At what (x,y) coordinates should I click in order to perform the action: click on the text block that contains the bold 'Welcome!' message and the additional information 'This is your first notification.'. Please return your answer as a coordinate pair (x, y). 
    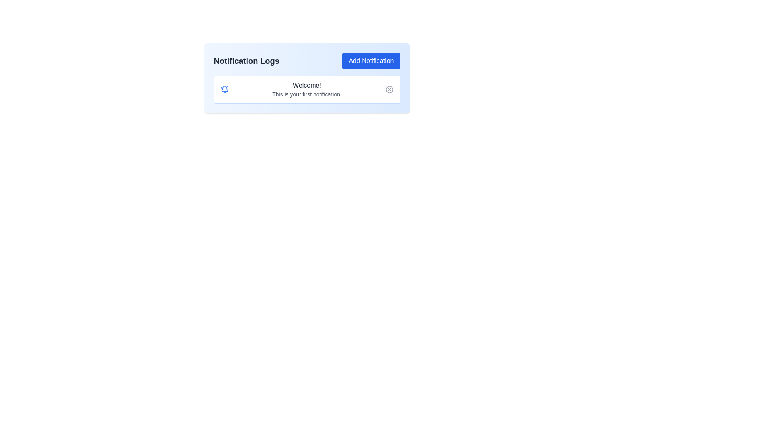
    Looking at the image, I should click on (306, 90).